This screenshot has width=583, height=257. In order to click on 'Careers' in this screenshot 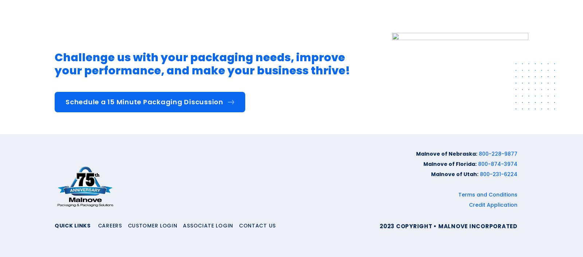, I will do `click(109, 225)`.